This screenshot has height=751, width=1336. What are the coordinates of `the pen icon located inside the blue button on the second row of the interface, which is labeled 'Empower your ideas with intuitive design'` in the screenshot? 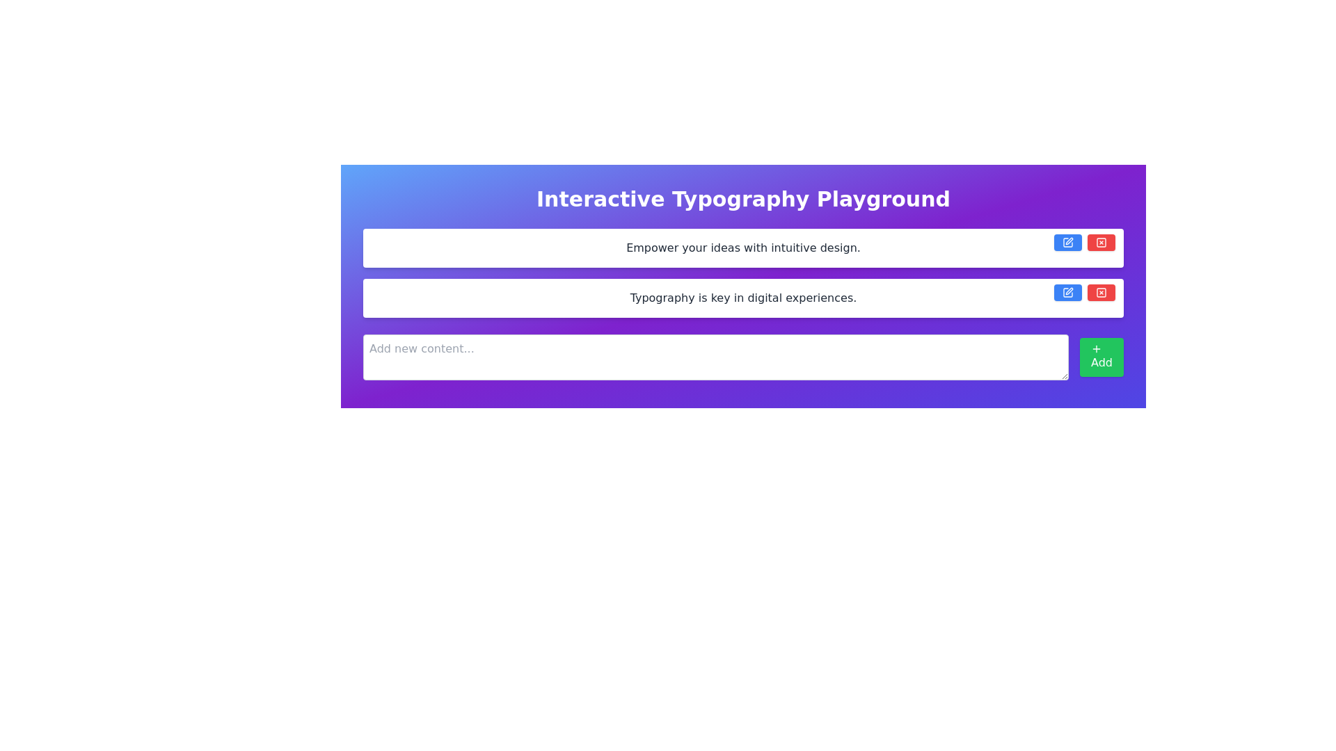 It's located at (1067, 241).